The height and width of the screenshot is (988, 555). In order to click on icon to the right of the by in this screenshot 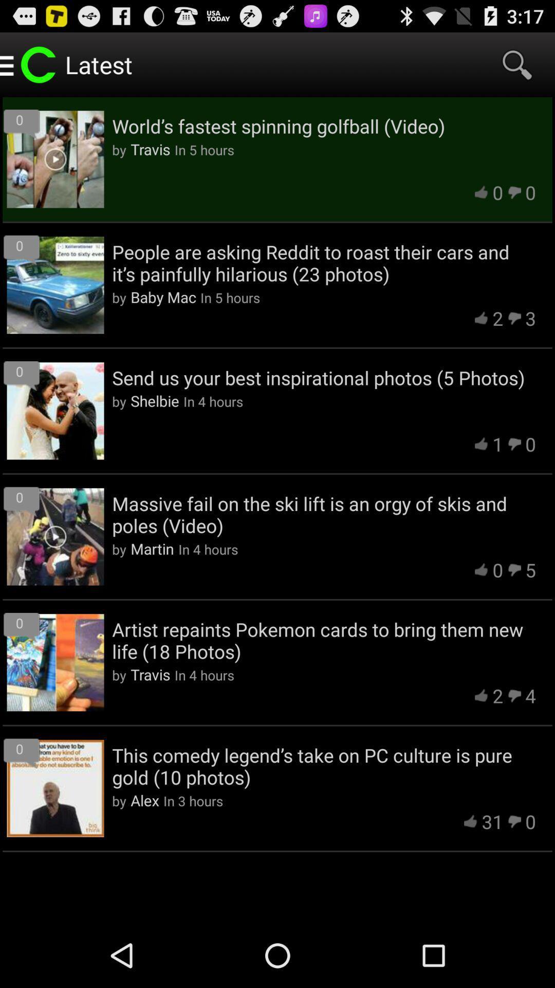, I will do `click(162, 296)`.